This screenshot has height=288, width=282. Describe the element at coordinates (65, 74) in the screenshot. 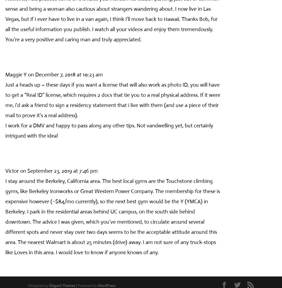

I see `'on December 7, 2018 at 10:23 am'` at that location.